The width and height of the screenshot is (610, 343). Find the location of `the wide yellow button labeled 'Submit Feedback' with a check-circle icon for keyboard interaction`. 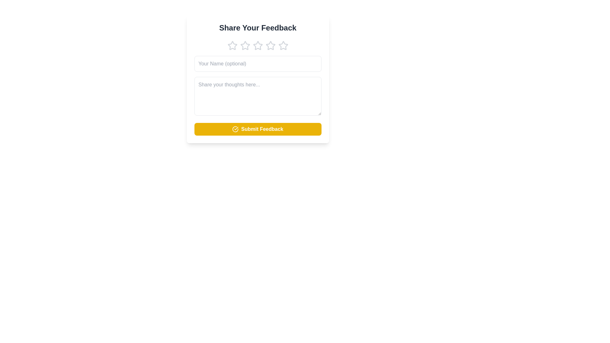

the wide yellow button labeled 'Submit Feedback' with a check-circle icon for keyboard interaction is located at coordinates (258, 129).